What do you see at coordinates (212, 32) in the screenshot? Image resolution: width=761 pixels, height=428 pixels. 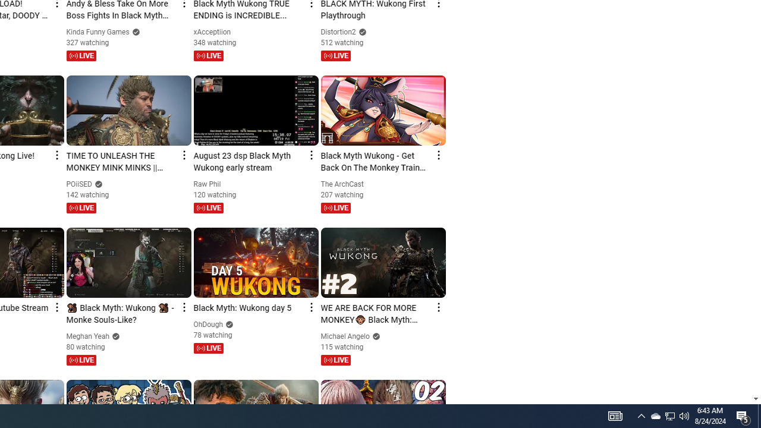 I see `'xAcceptiion'` at bounding box center [212, 32].